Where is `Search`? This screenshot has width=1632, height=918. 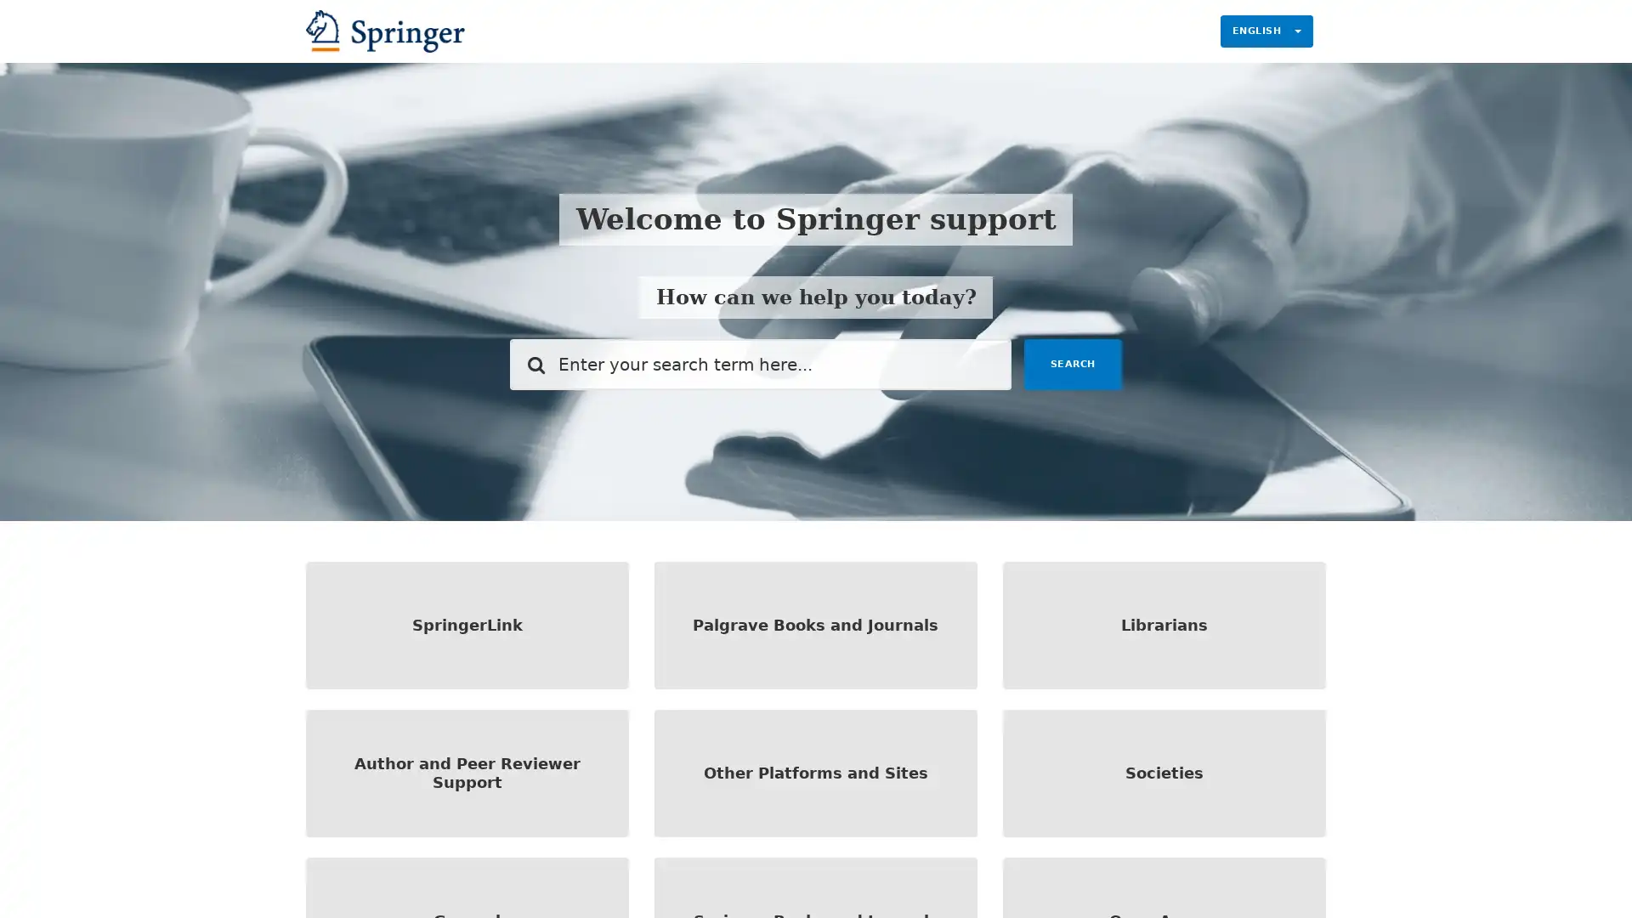
Search is located at coordinates (1072, 363).